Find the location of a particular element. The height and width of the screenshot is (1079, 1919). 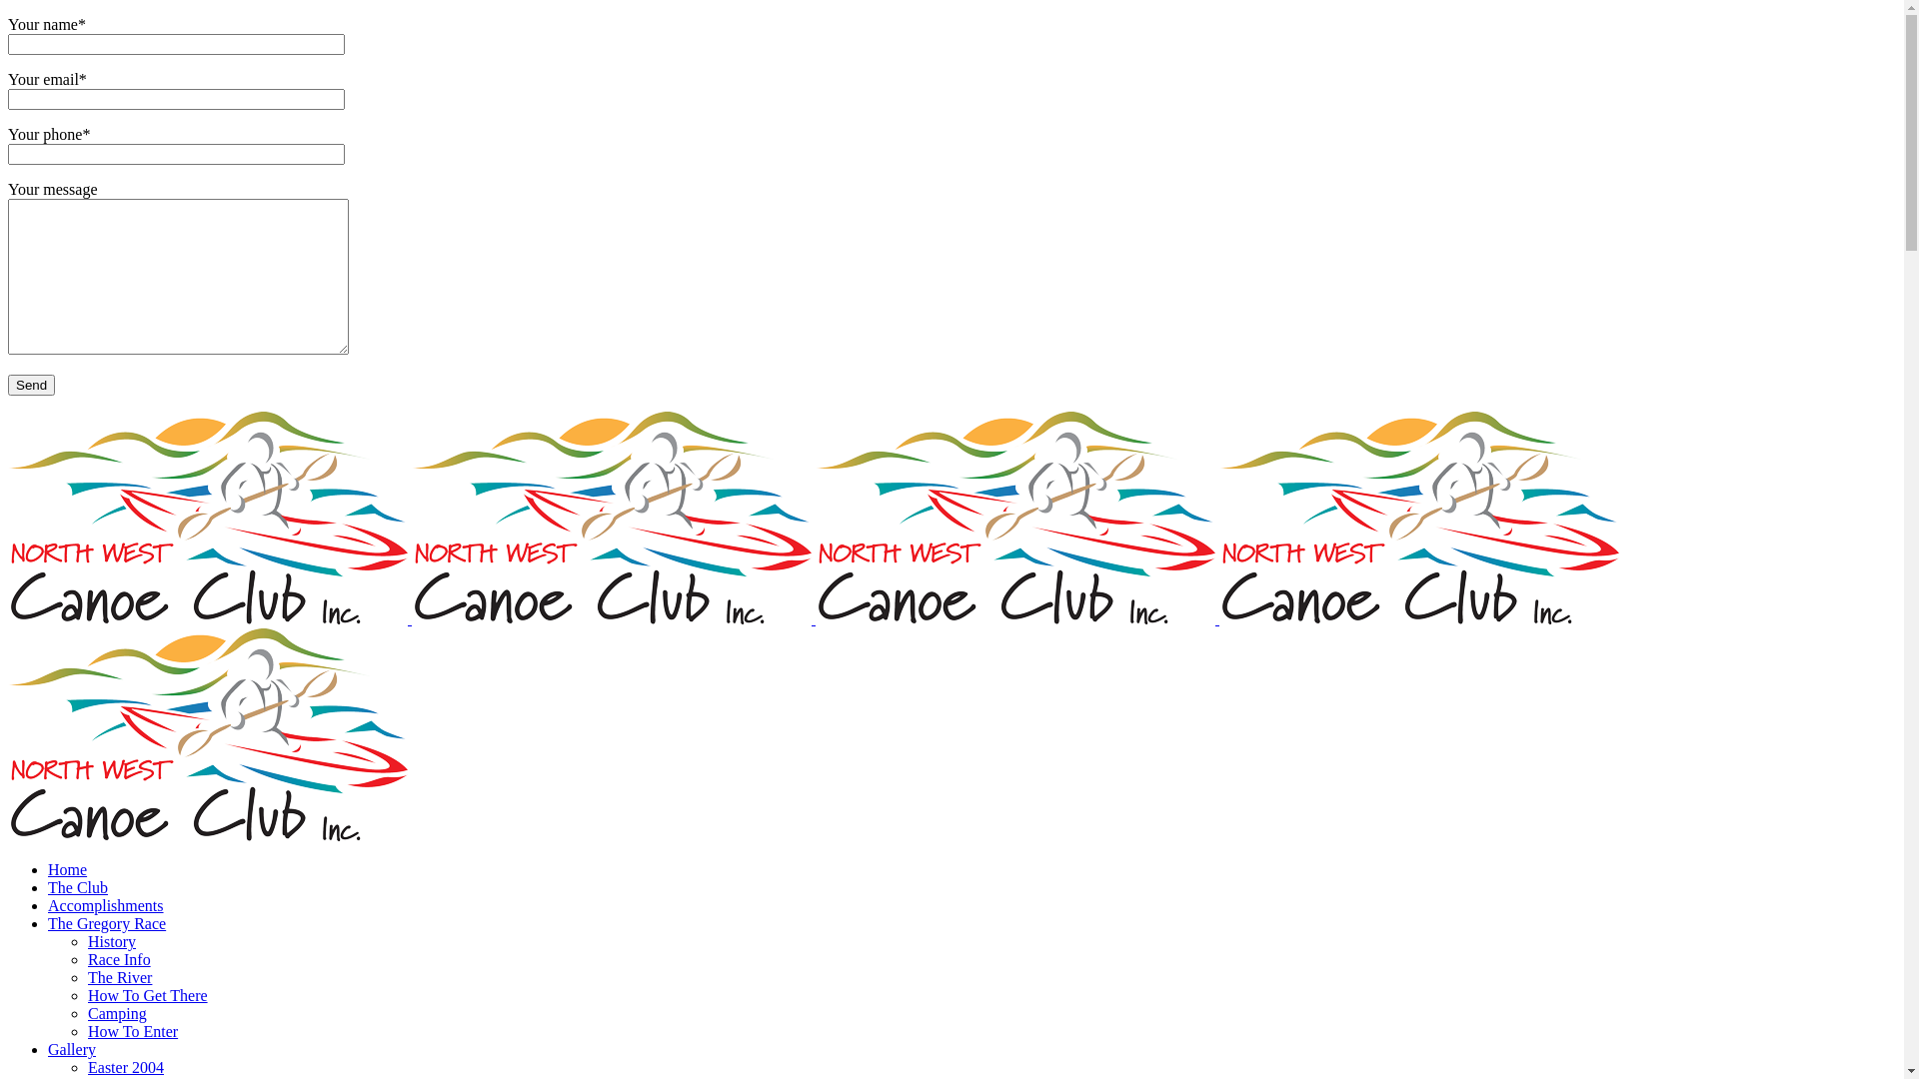

'Home' is located at coordinates (48, 868).